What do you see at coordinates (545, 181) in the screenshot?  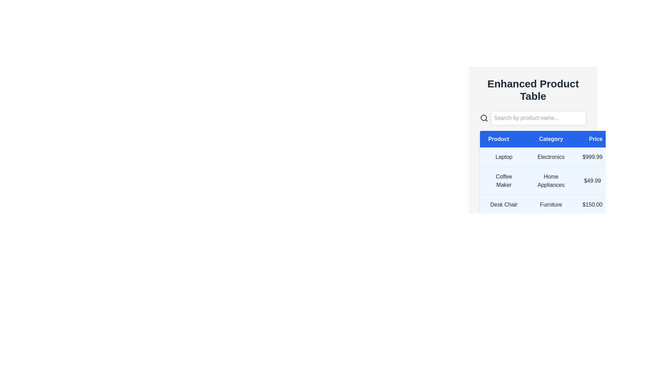 I see `the second row in the table that contains 'Product', 'Category', and 'Price', positioned between 'Laptop' and 'Desk Chair'` at bounding box center [545, 181].